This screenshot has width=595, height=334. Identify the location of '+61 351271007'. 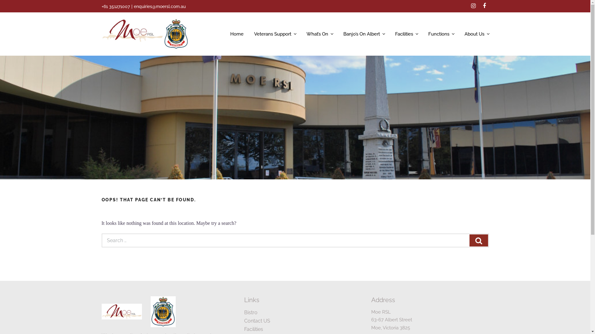
(116, 6).